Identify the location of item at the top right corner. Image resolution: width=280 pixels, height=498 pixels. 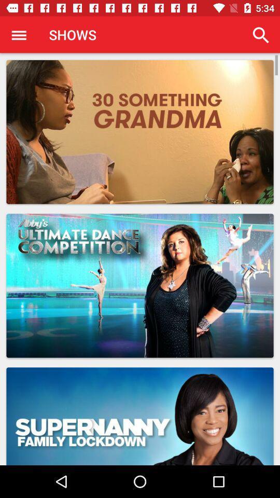
(260, 35).